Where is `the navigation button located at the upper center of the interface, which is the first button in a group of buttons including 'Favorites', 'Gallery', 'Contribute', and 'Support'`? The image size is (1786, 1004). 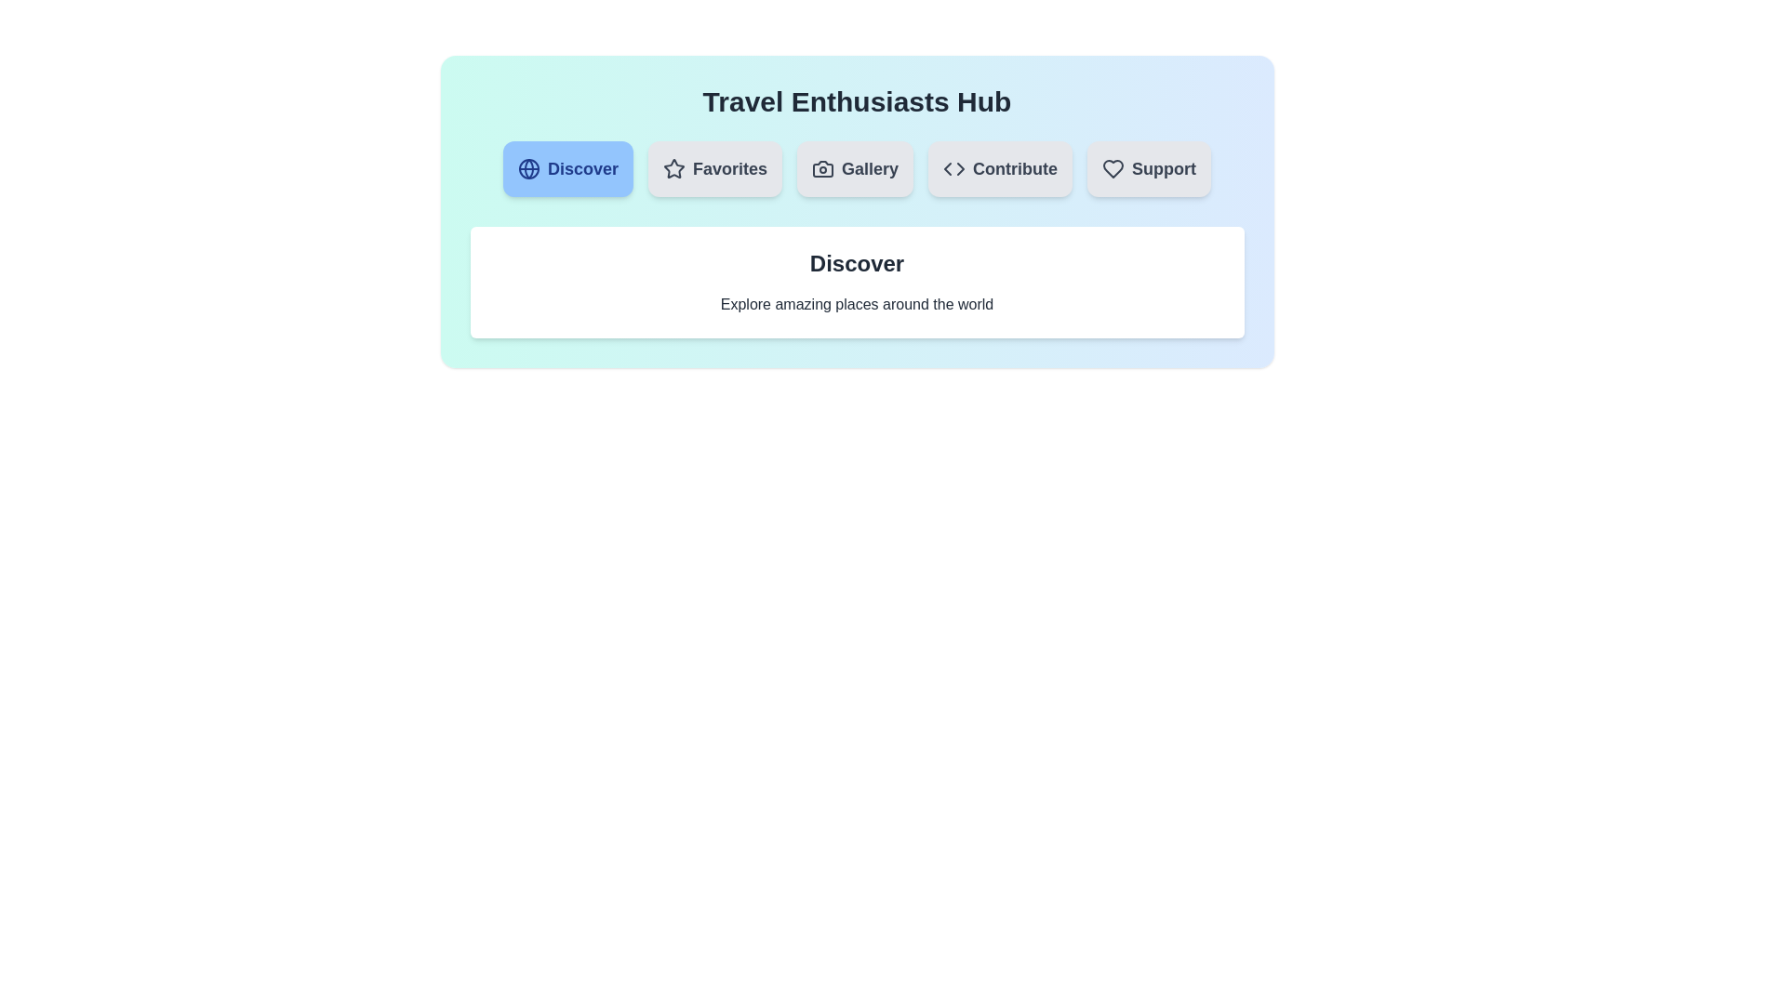
the navigation button located at the upper center of the interface, which is the first button in a group of buttons including 'Favorites', 'Gallery', 'Contribute', and 'Support' is located at coordinates (566, 168).